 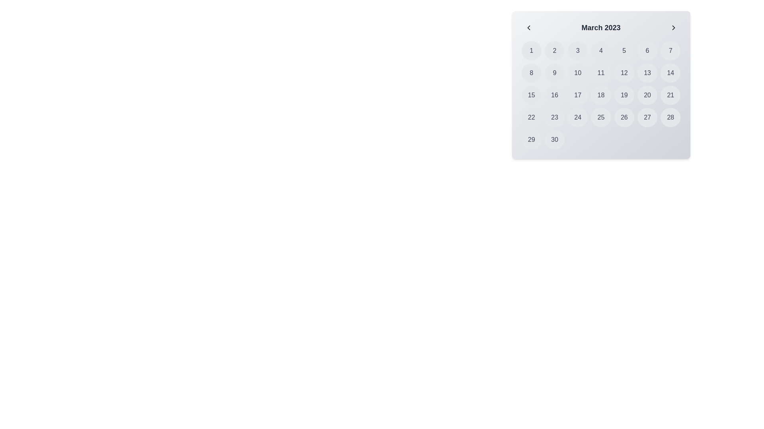 What do you see at coordinates (554, 50) in the screenshot?
I see `the circular button displaying the number '2'` at bounding box center [554, 50].